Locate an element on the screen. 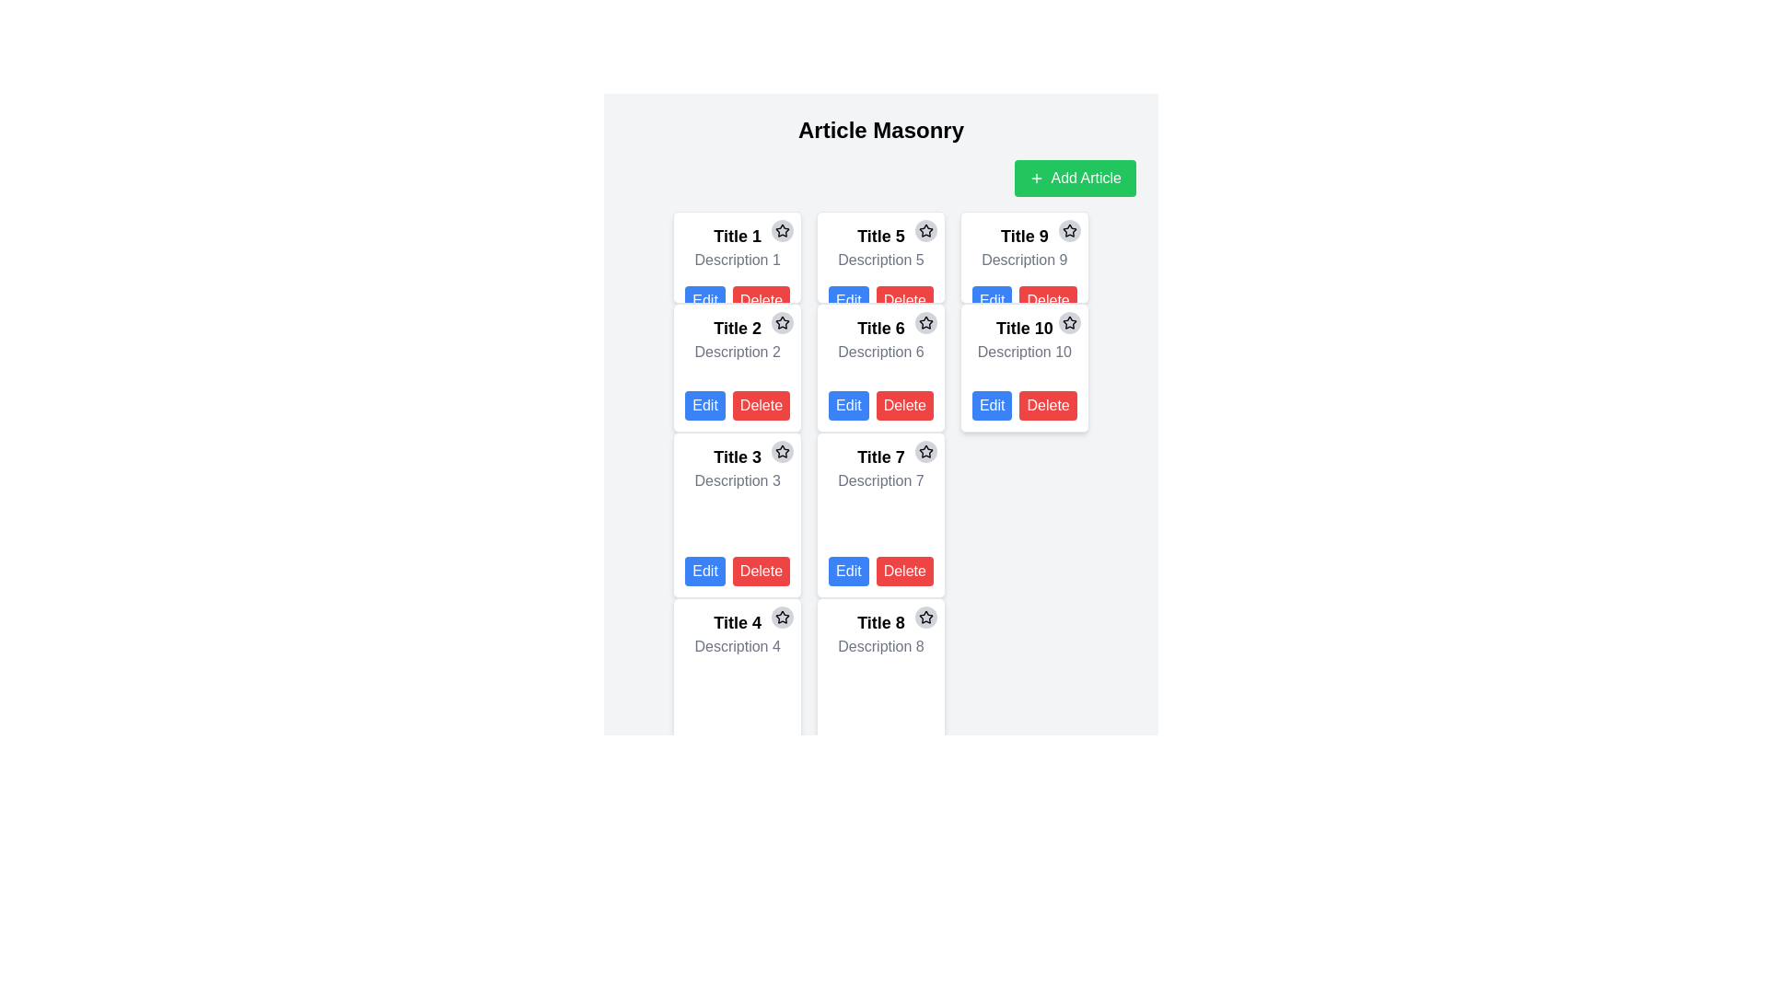 The height and width of the screenshot is (994, 1768). the text label displaying 'Description 9', which is a non-interactive element styled in gray and positioned centrally within its card, below 'Title 9' is located at coordinates (1023, 260).